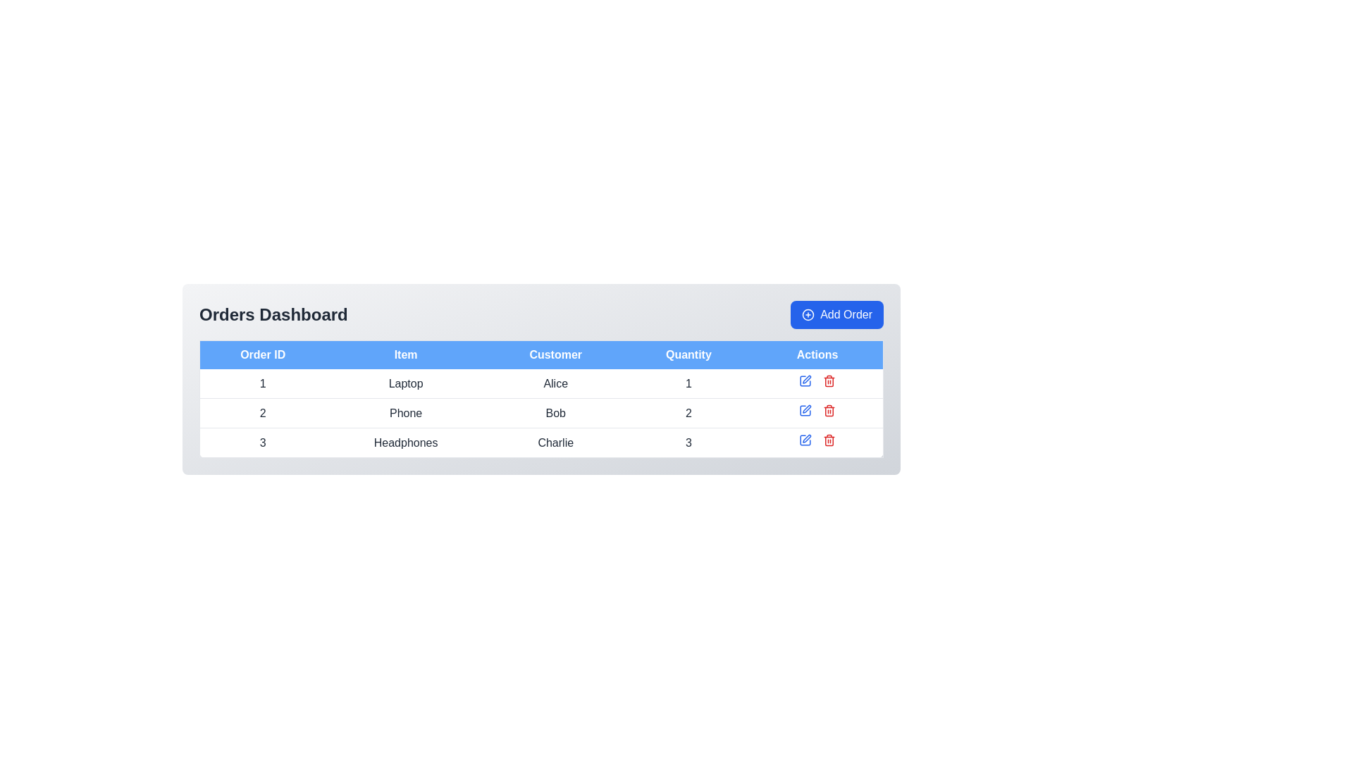  I want to click on the red trash can icon button in the 'Actions' column of the third row, so click(829, 439).